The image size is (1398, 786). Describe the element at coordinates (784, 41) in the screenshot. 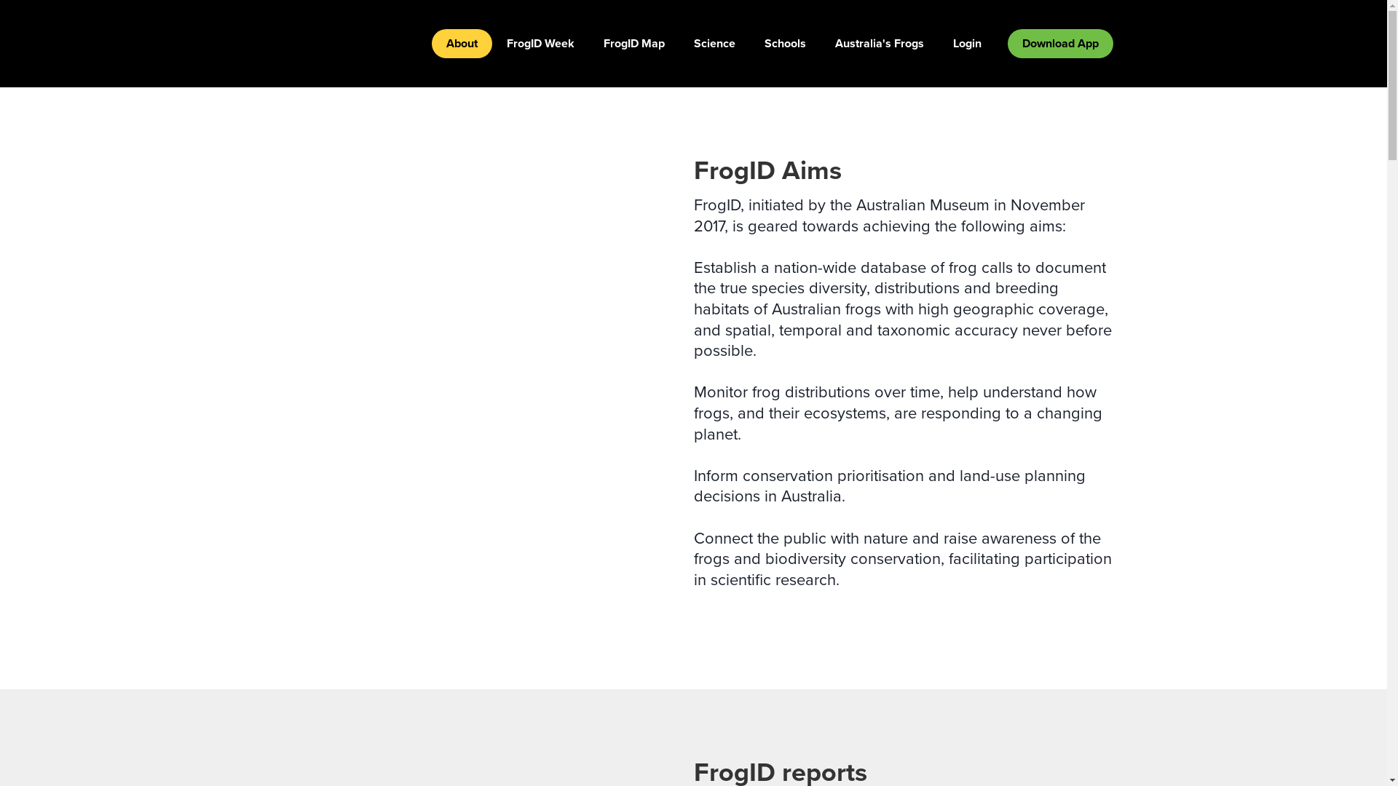

I see `'Schools'` at that location.